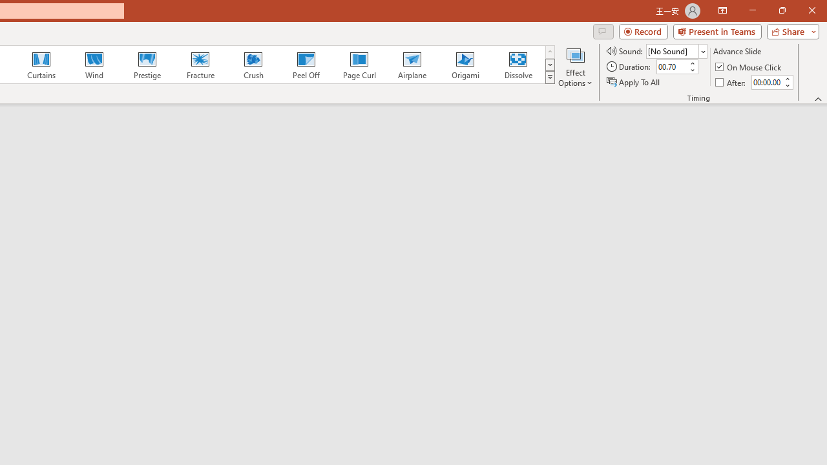 This screenshot has height=465, width=827. I want to click on 'Wind', so click(93, 65).